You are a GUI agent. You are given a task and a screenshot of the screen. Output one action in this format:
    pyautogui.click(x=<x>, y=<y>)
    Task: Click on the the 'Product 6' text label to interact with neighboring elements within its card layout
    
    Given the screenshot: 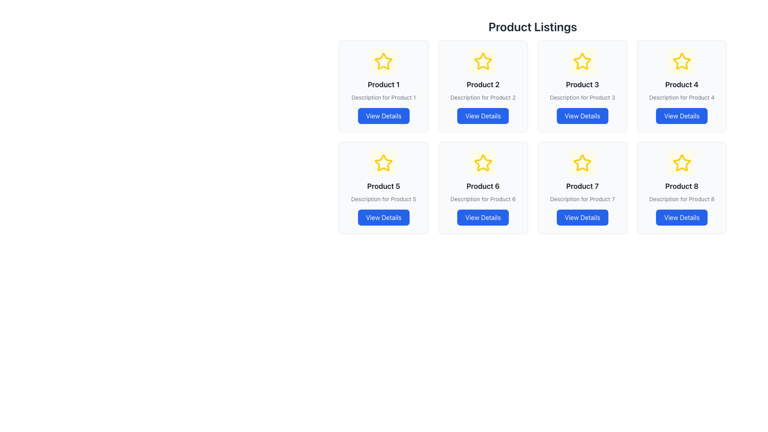 What is the action you would take?
    pyautogui.click(x=482, y=186)
    